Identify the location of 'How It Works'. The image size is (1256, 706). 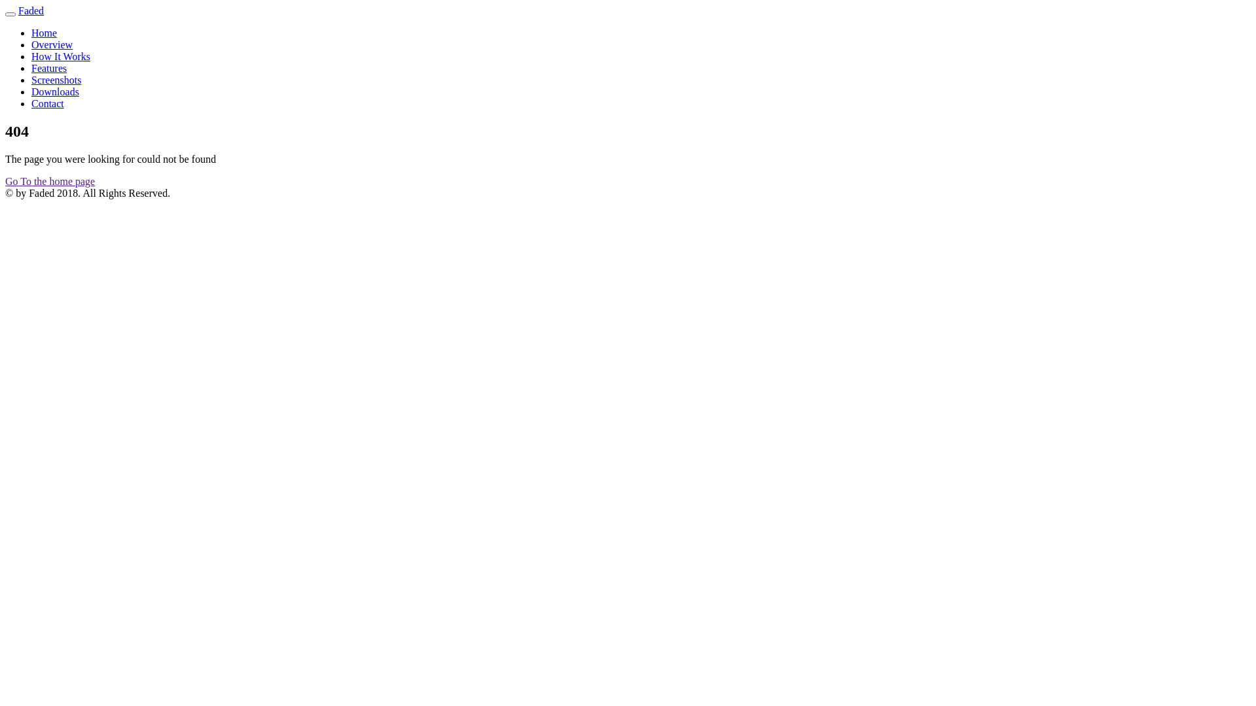
(31, 56).